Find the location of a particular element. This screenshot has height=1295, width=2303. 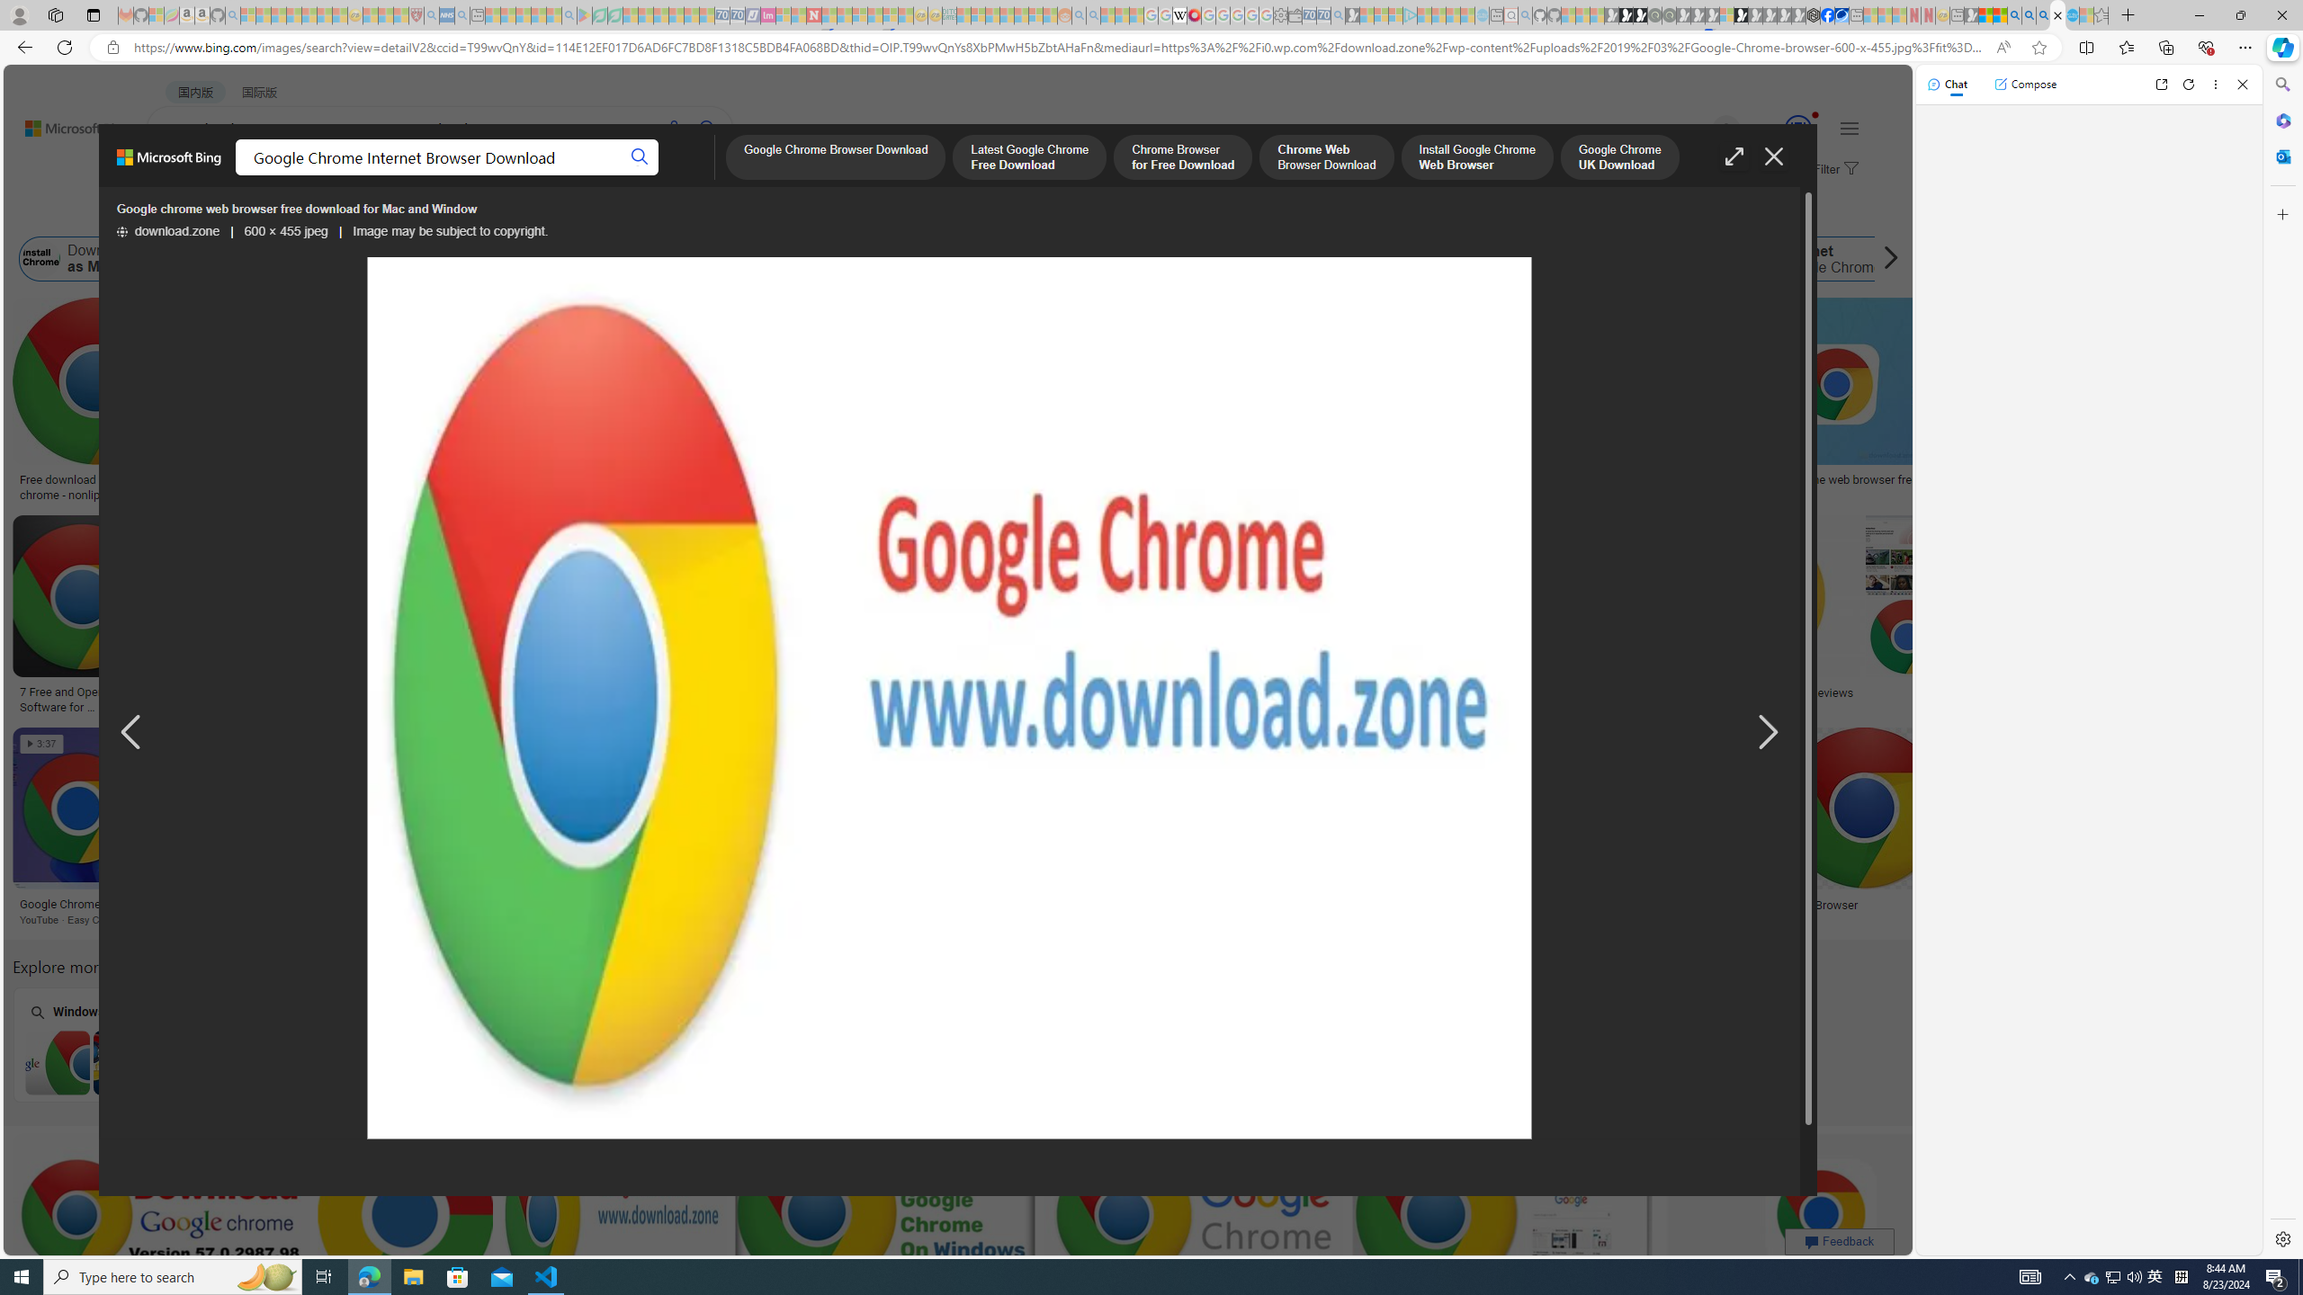

'Future Focus Report 2024 - Sleeping' is located at coordinates (1668, 14).